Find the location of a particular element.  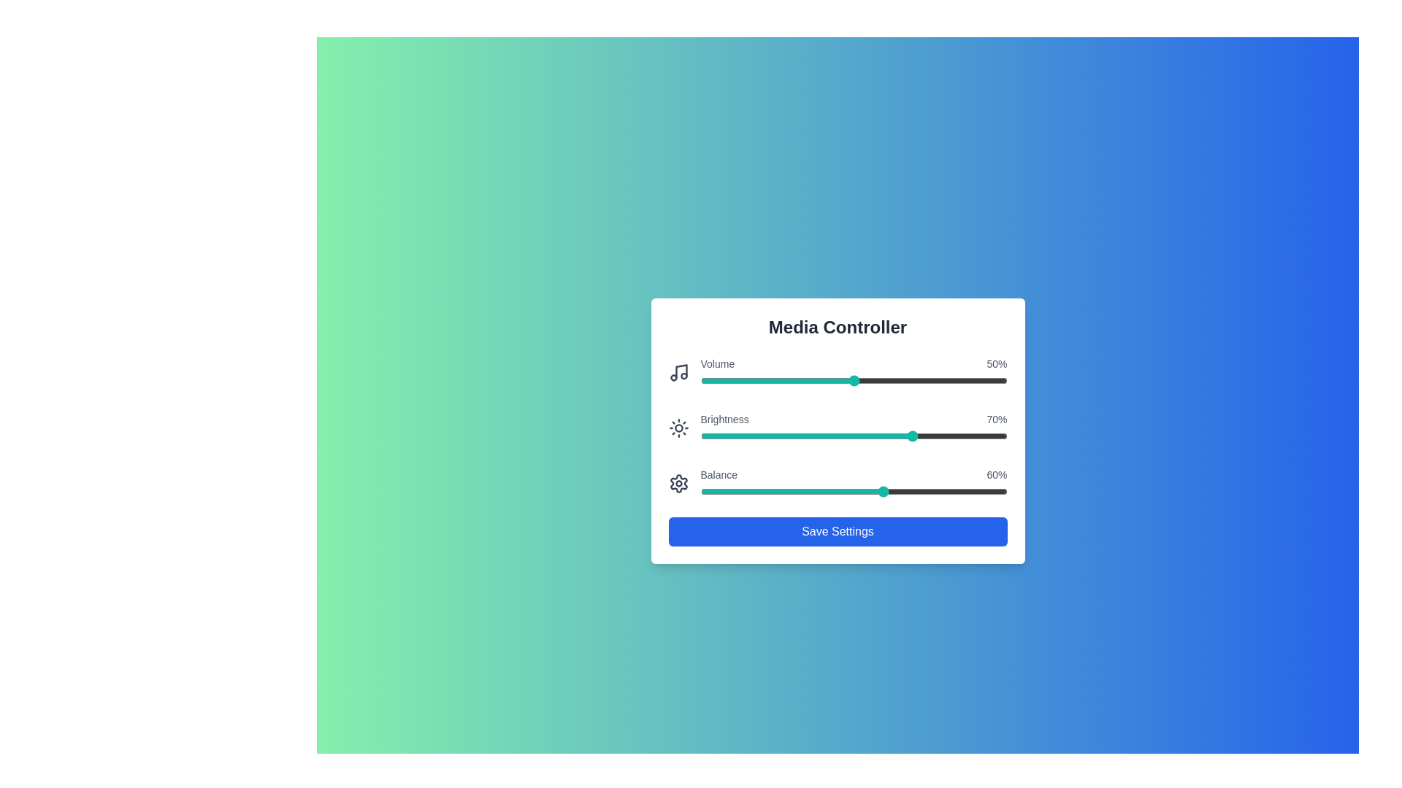

the volume slider to 65% by dragging the slider handle is located at coordinates (899, 379).